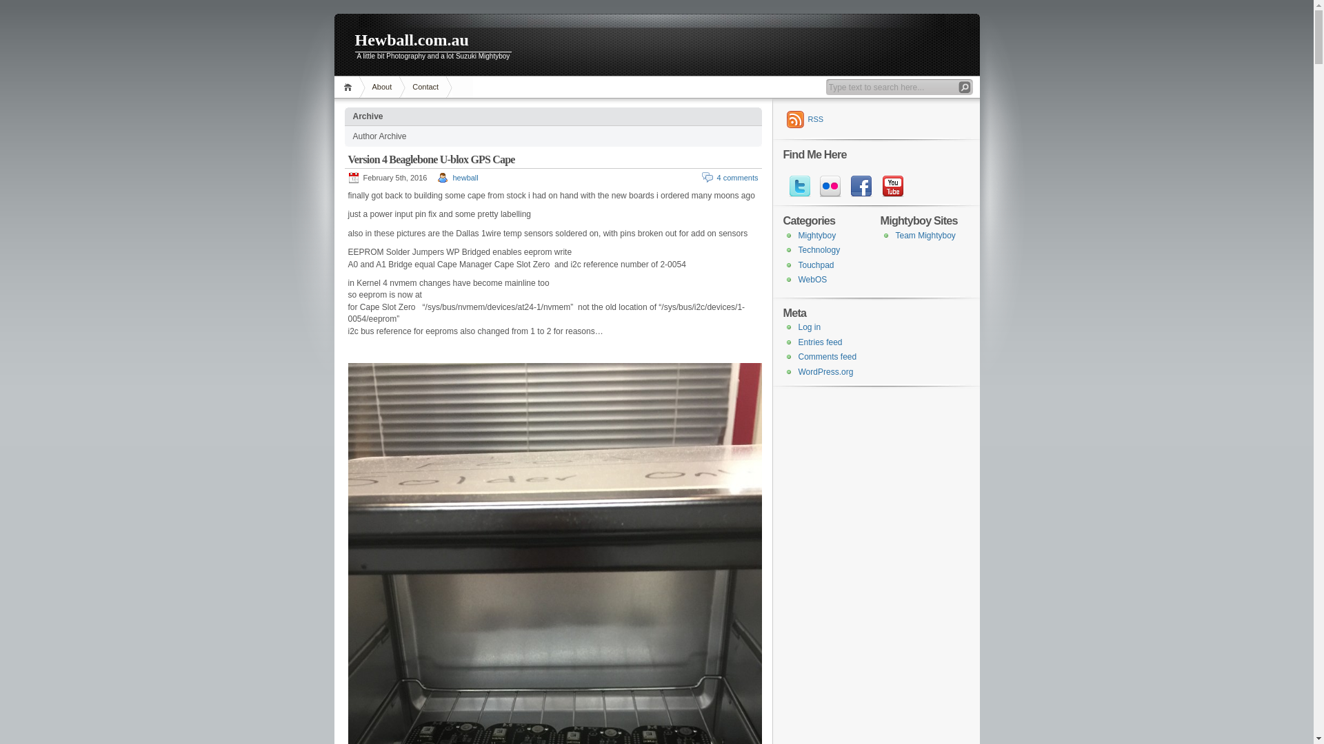 The height and width of the screenshot is (744, 1324). Describe the element at coordinates (430, 158) in the screenshot. I see `'Version 4 Beaglebone U-blox GPS Cape'` at that location.